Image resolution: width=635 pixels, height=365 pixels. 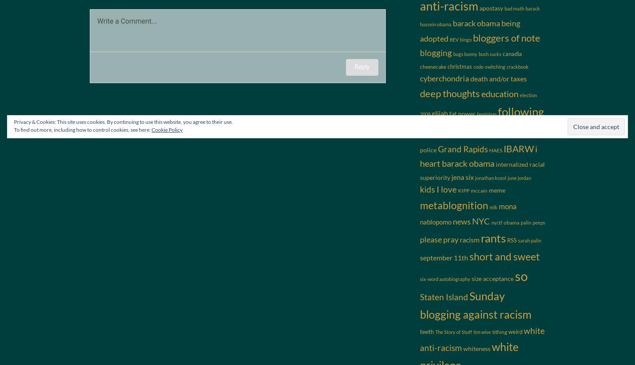 I want to click on 'christmas', so click(x=459, y=67).